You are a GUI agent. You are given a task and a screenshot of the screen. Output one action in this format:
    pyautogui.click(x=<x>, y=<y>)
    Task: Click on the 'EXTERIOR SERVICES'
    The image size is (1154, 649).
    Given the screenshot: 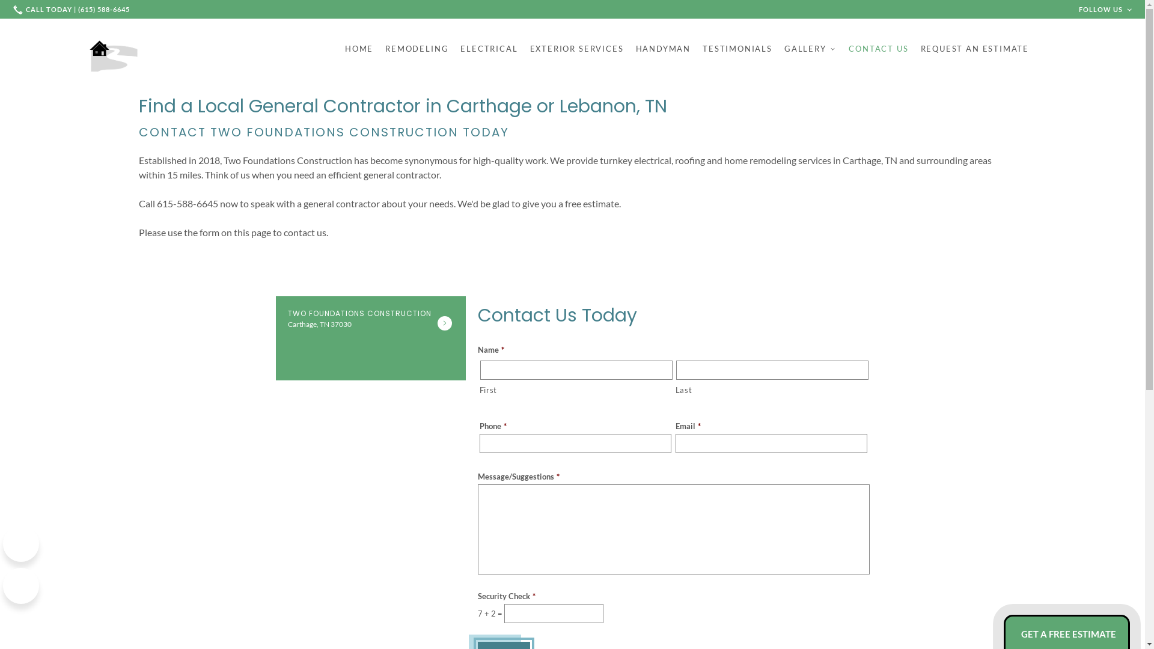 What is the action you would take?
    pyautogui.click(x=577, y=48)
    